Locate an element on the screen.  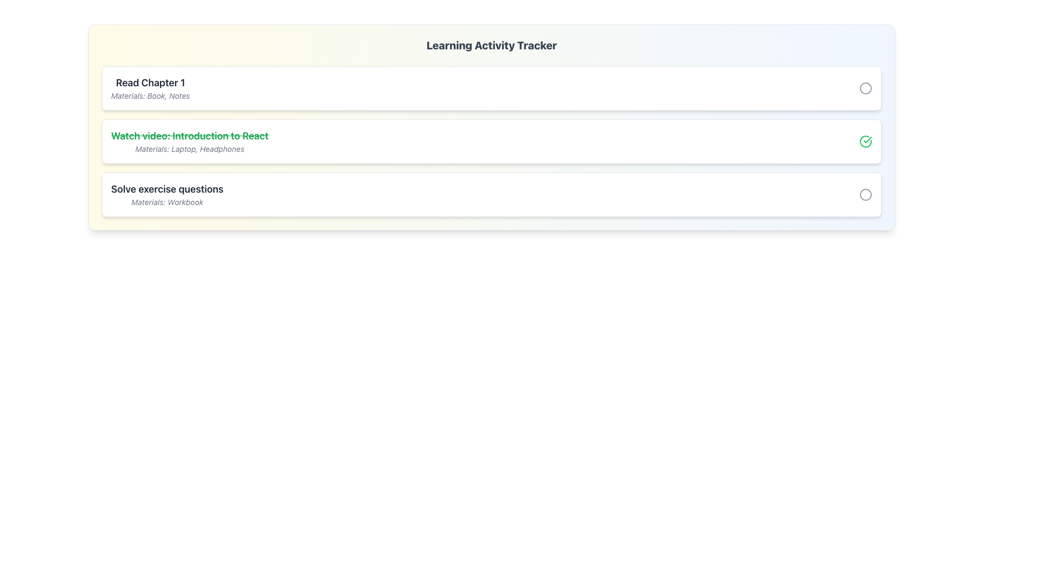
the small circular icon with an empty center and thin border located at the far-right side of the 'Solve exercise questions' row, near the text 'Materials: Workbook' is located at coordinates (865, 194).